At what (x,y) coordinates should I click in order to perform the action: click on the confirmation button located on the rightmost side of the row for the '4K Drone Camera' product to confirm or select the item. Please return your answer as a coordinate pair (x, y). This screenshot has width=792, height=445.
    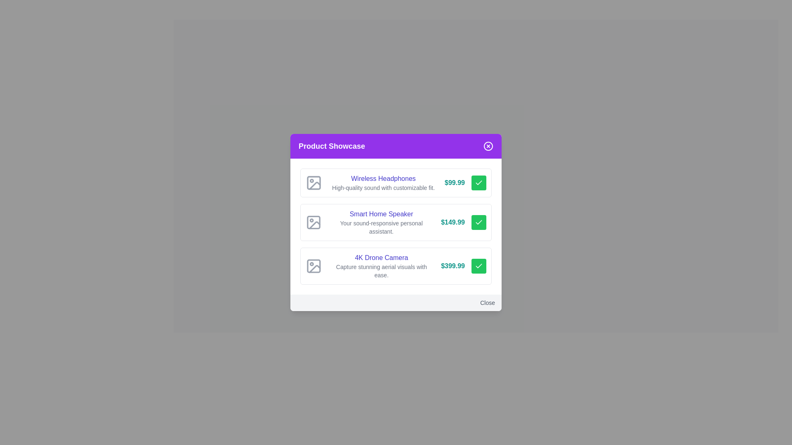
    Looking at the image, I should click on (479, 266).